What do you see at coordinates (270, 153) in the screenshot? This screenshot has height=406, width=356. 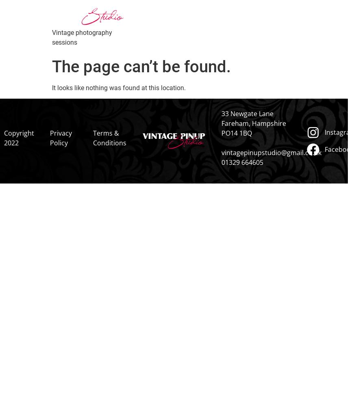 I see `'vintagepinupstudio@gmail.co.uk'` at bounding box center [270, 153].